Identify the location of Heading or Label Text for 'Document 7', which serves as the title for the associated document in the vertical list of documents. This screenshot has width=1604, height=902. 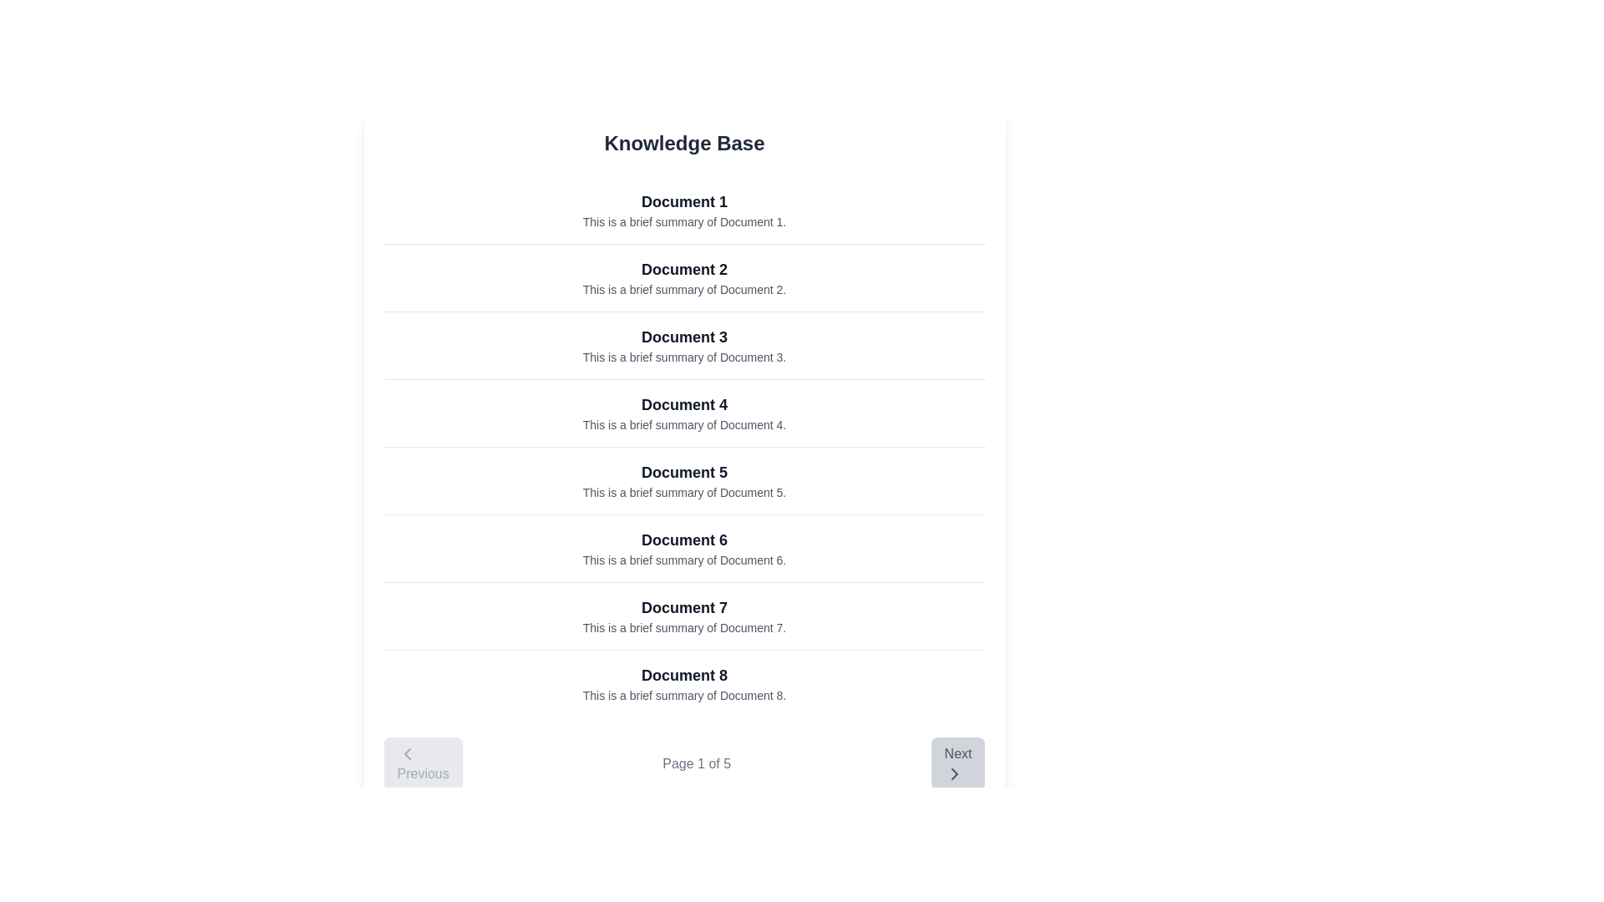
(684, 608).